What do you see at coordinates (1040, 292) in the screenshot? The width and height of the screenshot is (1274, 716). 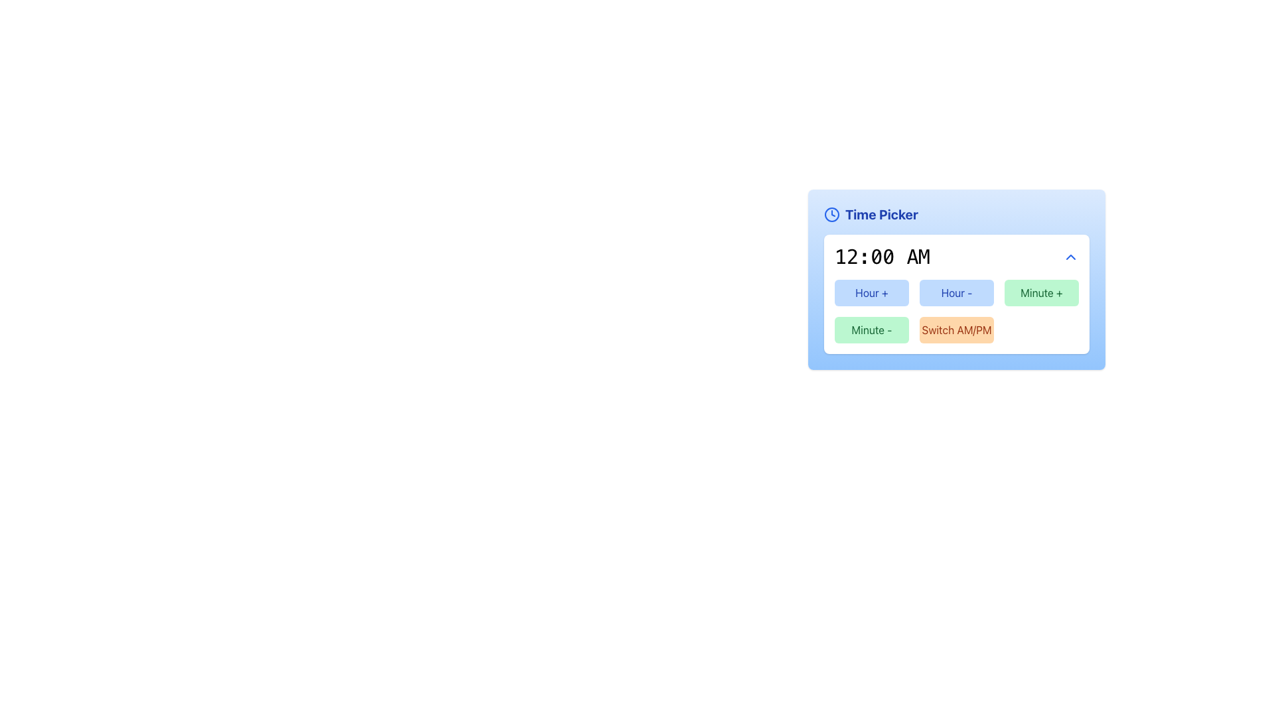 I see `the increment minute button located in the top right corner of the time selection interface` at bounding box center [1040, 292].